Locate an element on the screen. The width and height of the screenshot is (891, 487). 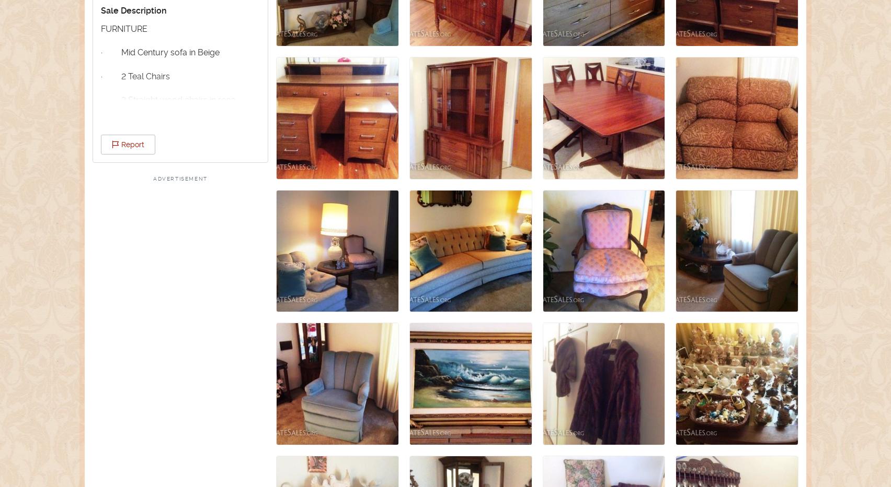
'·         Vintage kitchen table with 2 chairs and extension' is located at coordinates (175, 324).